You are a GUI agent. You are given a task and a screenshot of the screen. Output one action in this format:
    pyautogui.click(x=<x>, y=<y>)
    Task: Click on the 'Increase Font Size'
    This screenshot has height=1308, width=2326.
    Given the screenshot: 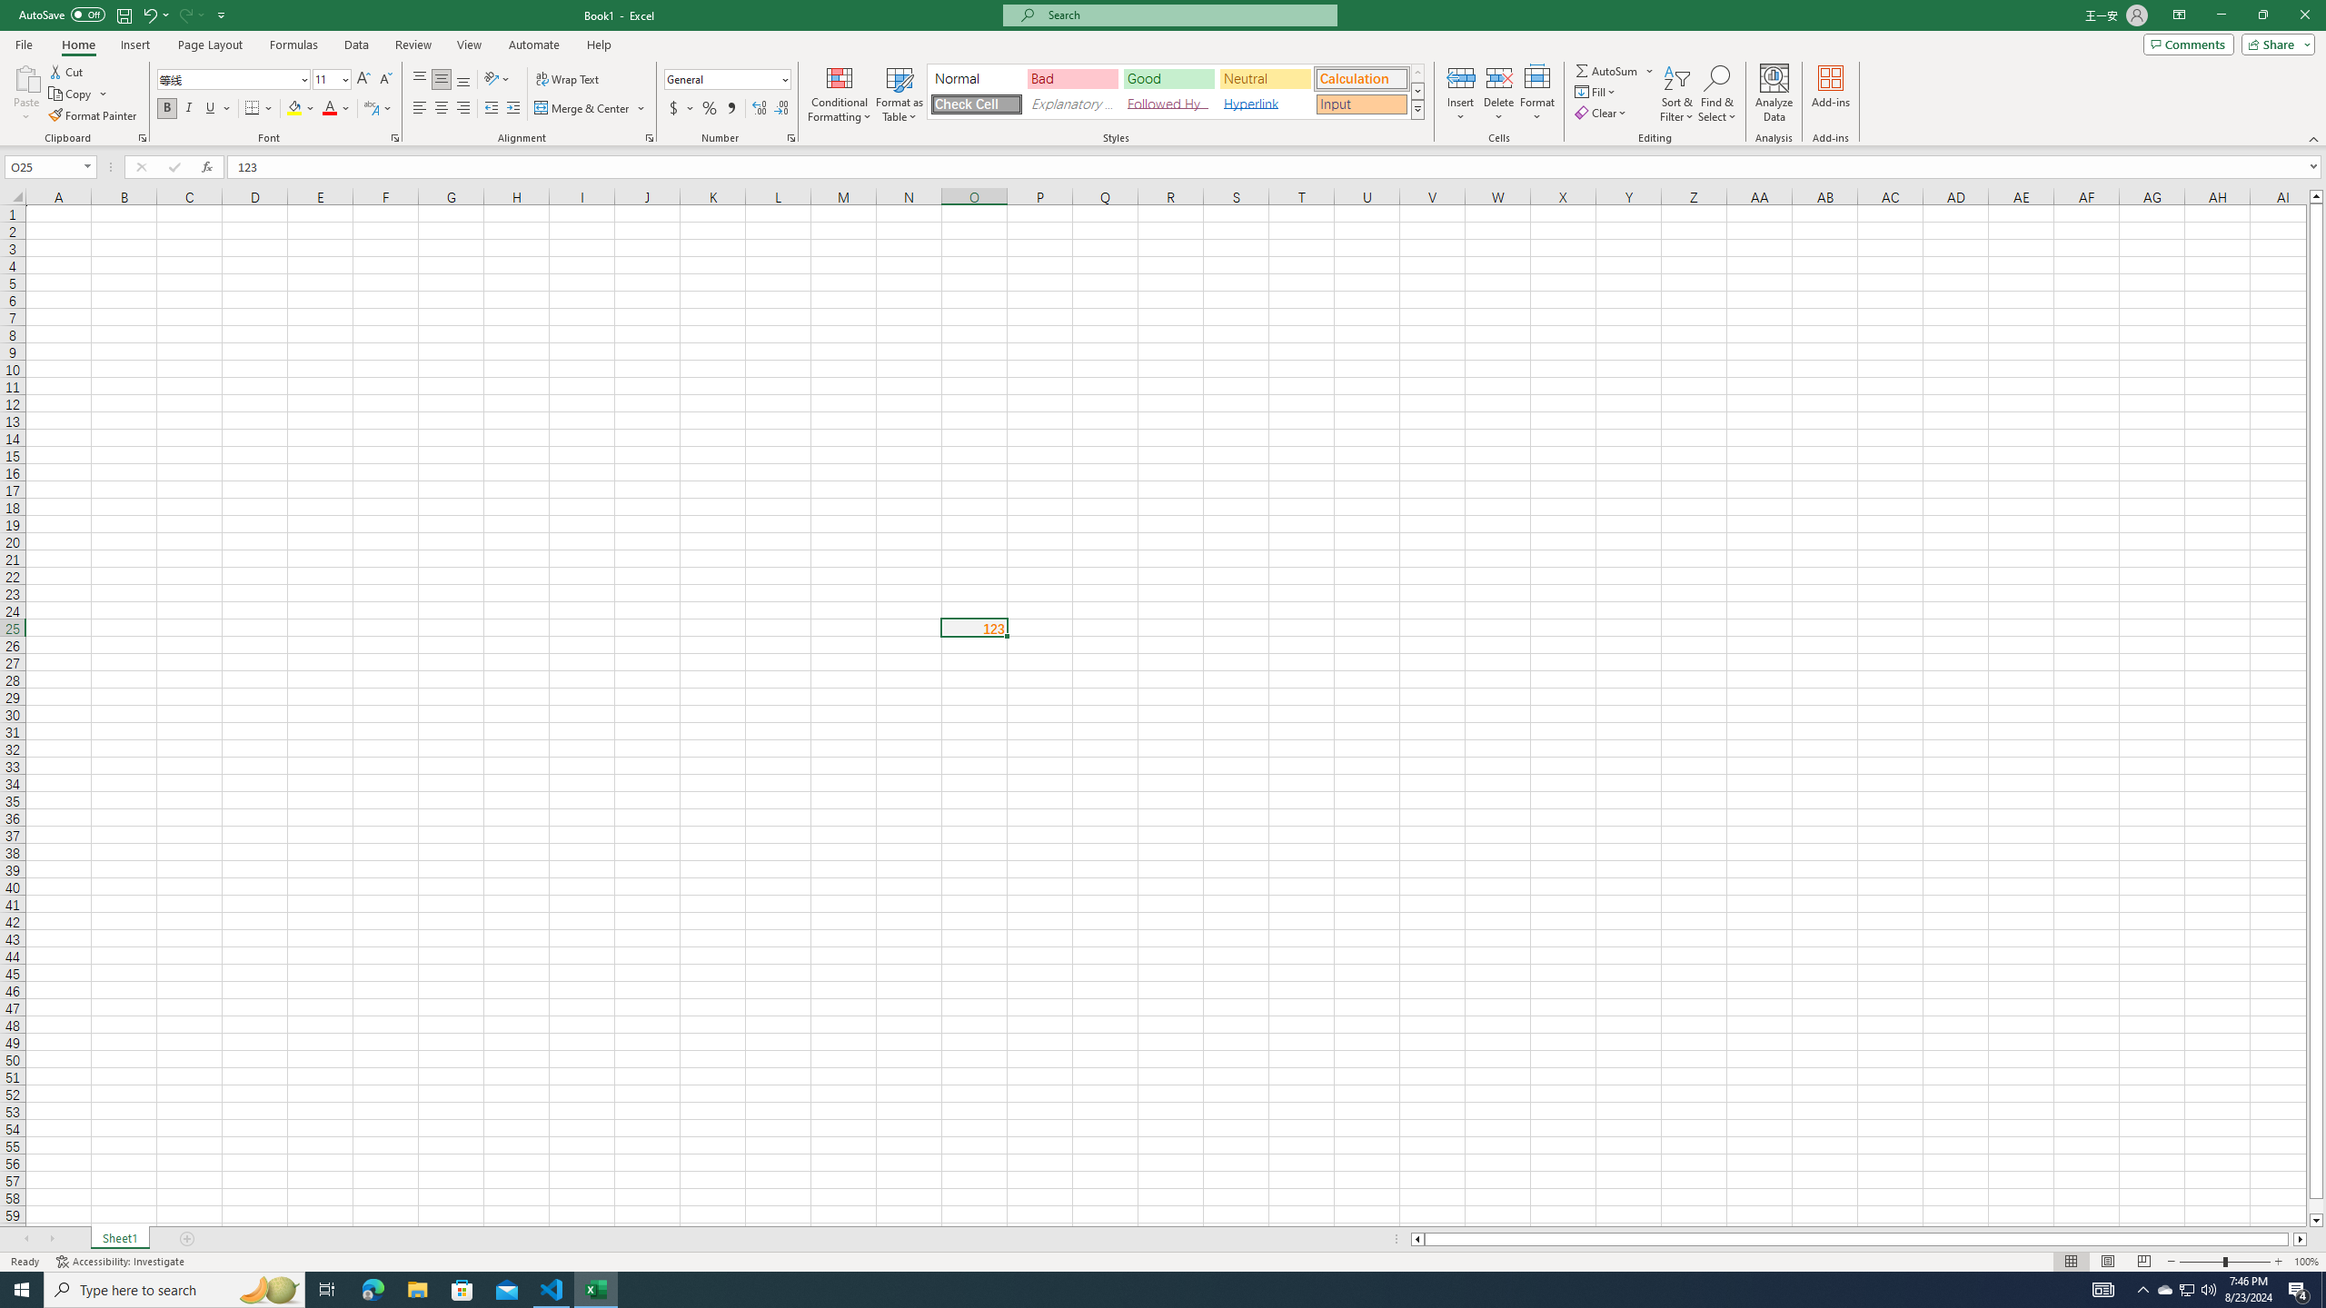 What is the action you would take?
    pyautogui.click(x=363, y=79)
    